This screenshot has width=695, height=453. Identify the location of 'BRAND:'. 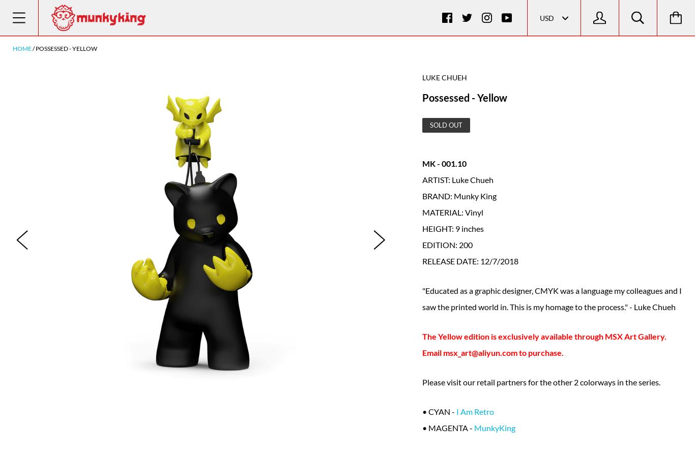
(437, 195).